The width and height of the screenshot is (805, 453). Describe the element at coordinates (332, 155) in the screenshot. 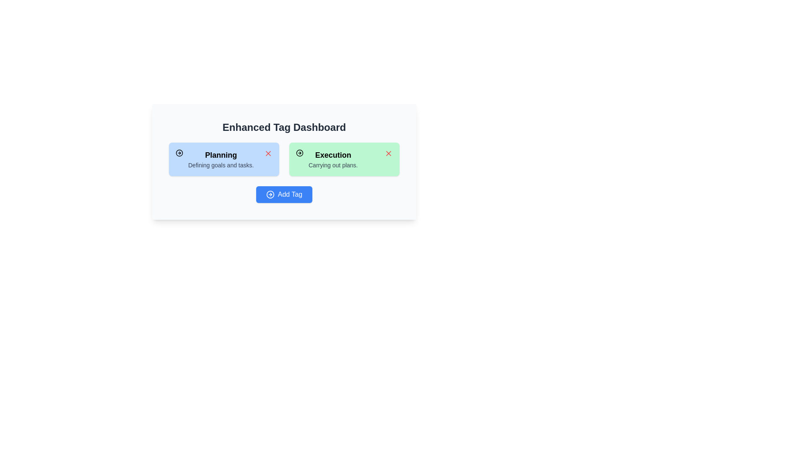

I see `the text label indicating the category 'Execution', which is centrally aligned in the second green box under 'Enhanced Tag Dashboard'` at that location.